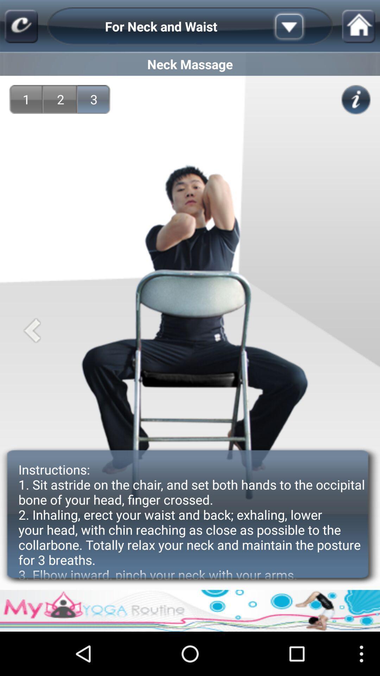 This screenshot has width=380, height=676. What do you see at coordinates (21, 26) in the screenshot?
I see `the icon next to for neck and app` at bounding box center [21, 26].